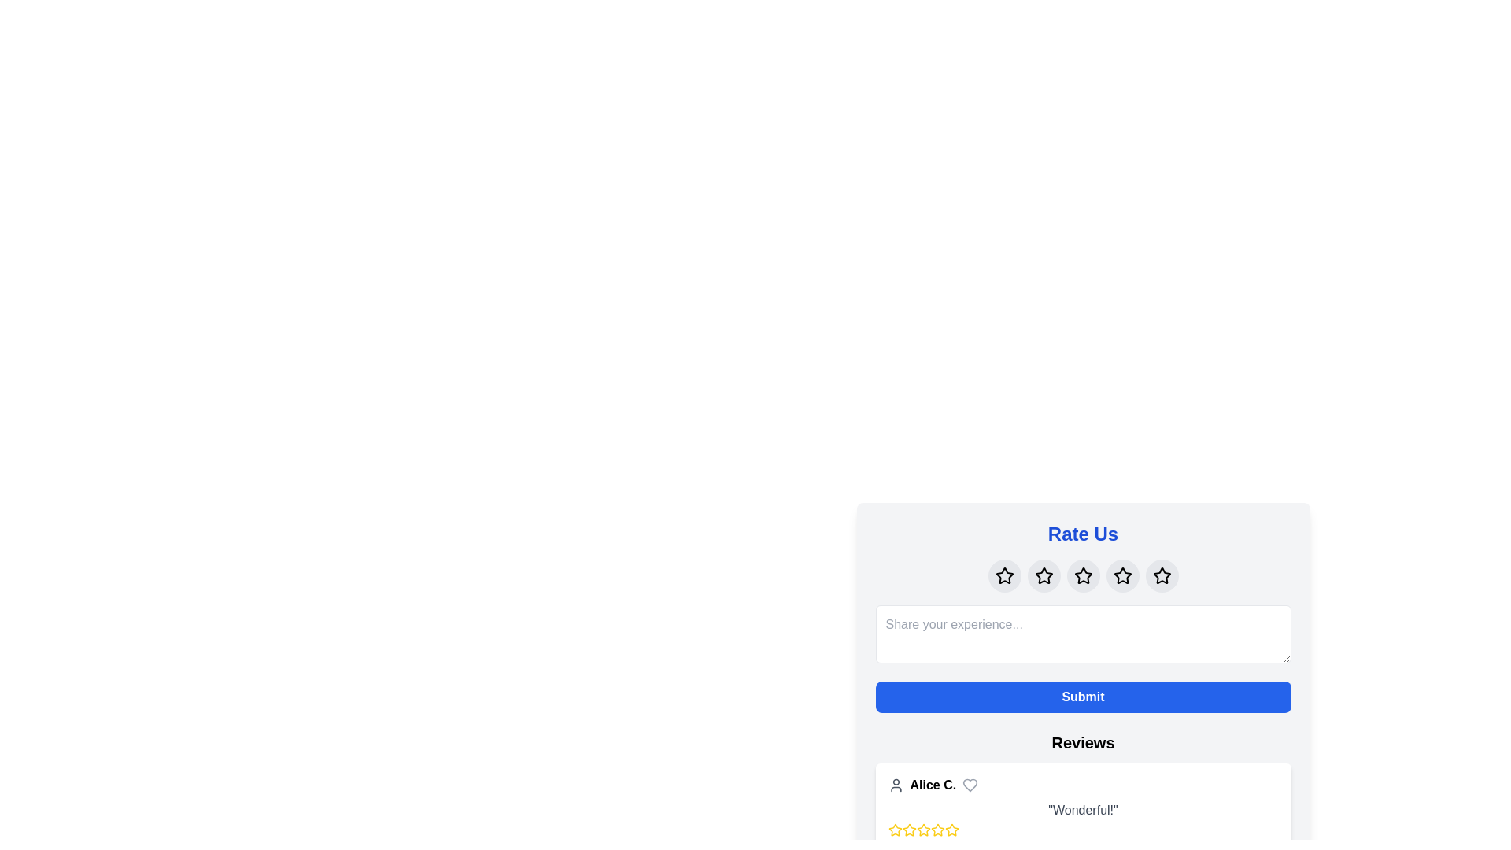  What do you see at coordinates (1162, 575) in the screenshot?
I see `the fifth star-shaped button in the rating system` at bounding box center [1162, 575].